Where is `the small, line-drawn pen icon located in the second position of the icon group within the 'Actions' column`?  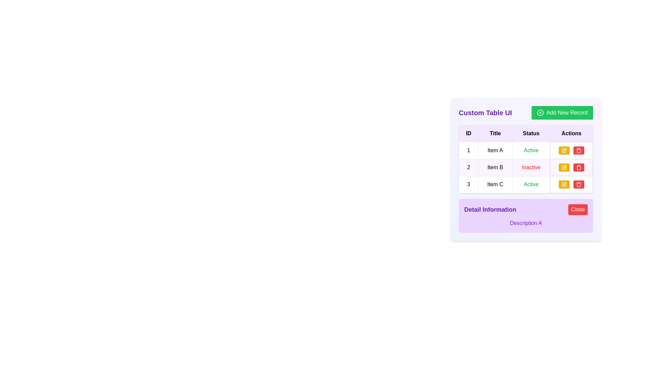
the small, line-drawn pen icon located in the second position of the icon group within the 'Actions' column is located at coordinates (565, 149).